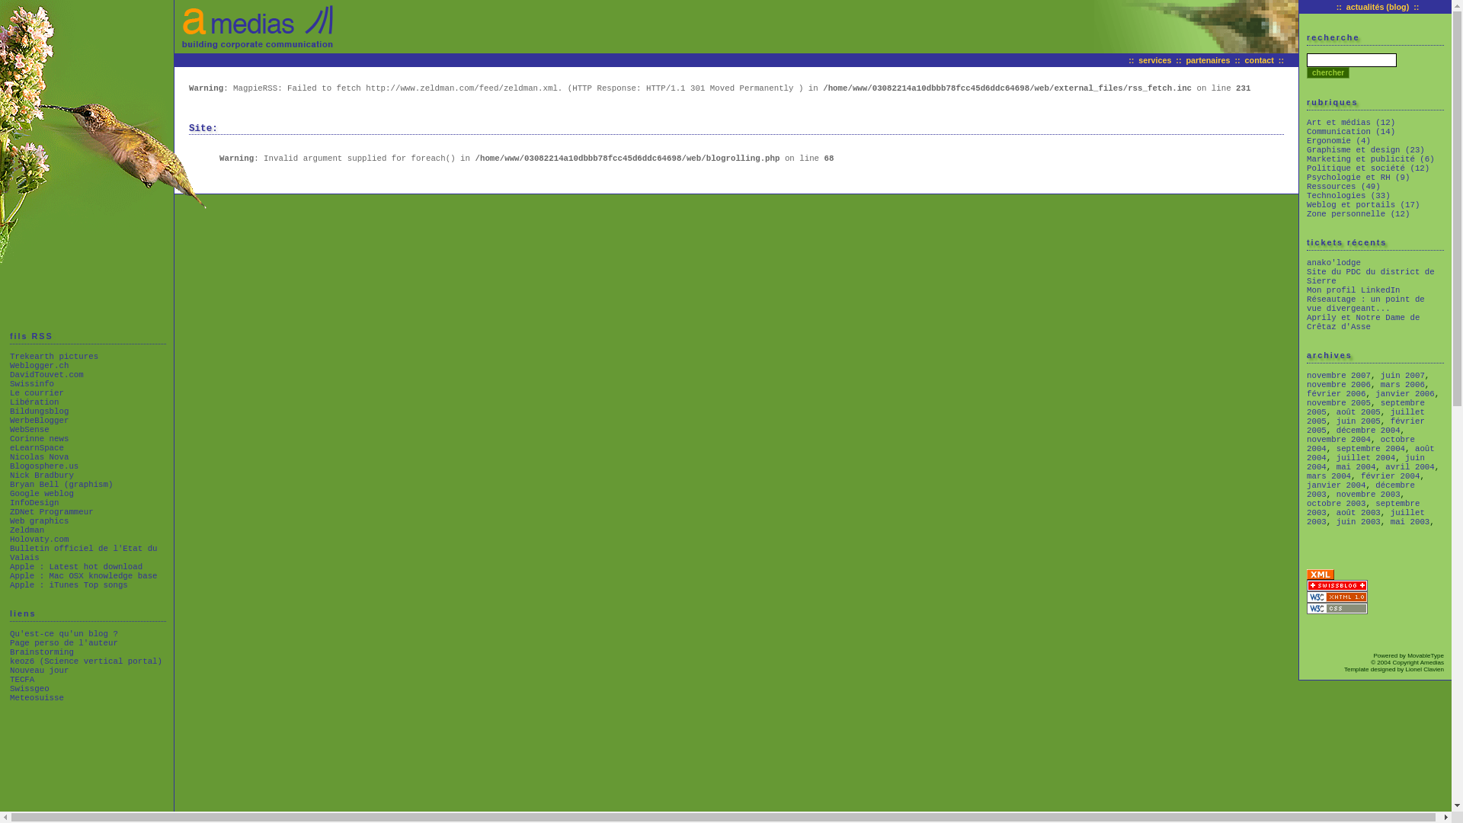 The image size is (1463, 823). I want to click on 'eLearnSpace', so click(37, 447).